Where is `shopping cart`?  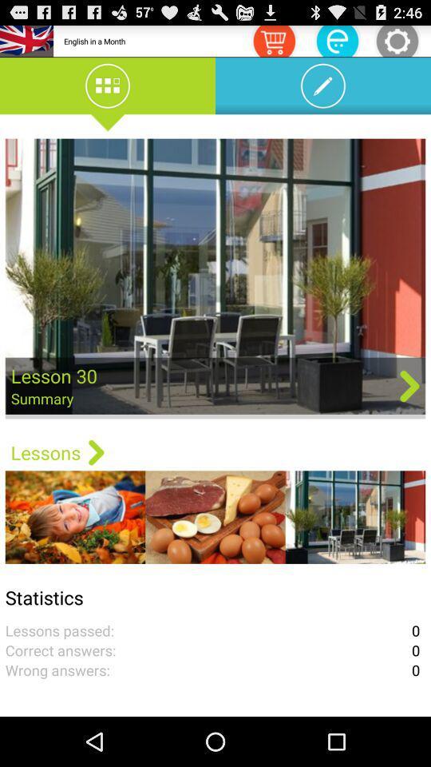 shopping cart is located at coordinates (273, 40).